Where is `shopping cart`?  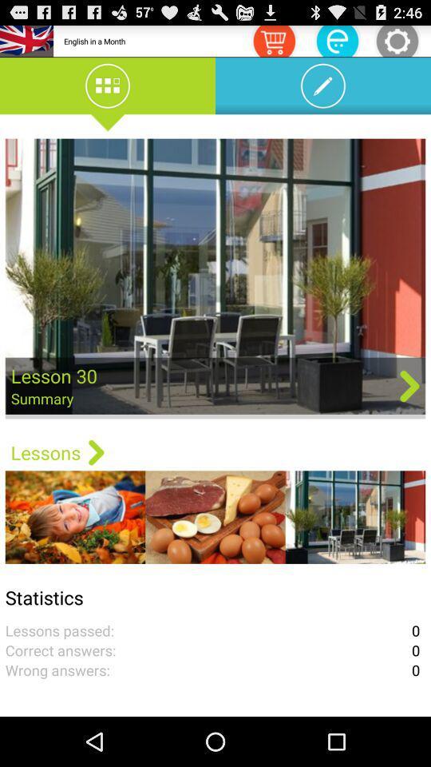 shopping cart is located at coordinates (273, 40).